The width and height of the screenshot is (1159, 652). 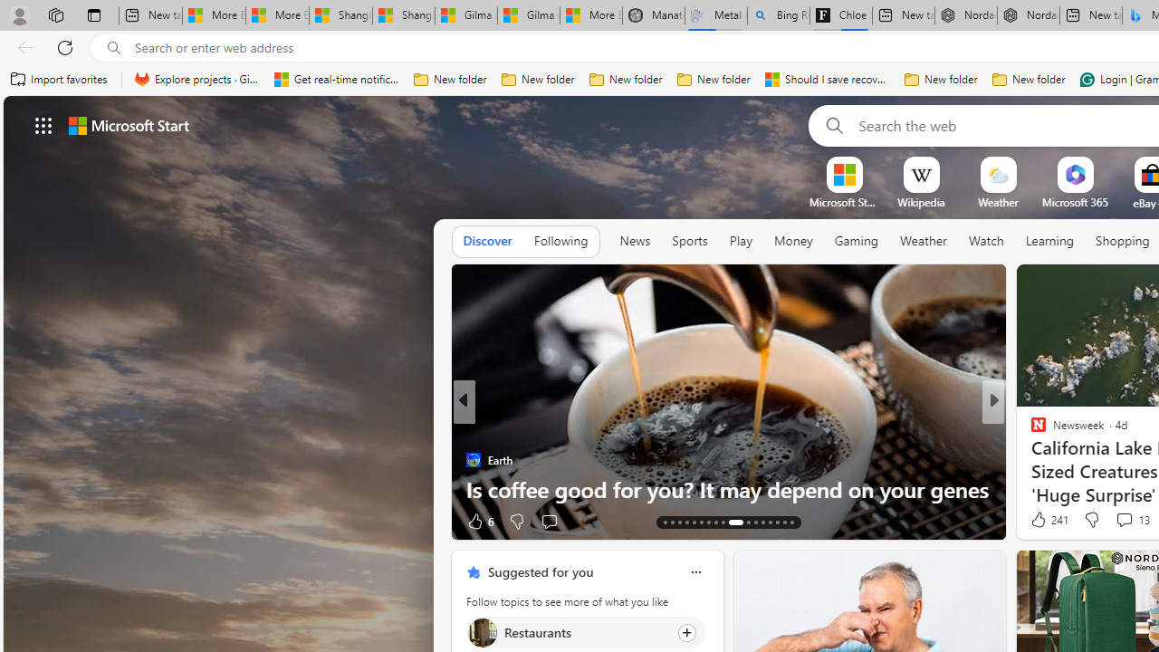 What do you see at coordinates (10, 521) in the screenshot?
I see `'View comments 102 Comment'` at bounding box center [10, 521].